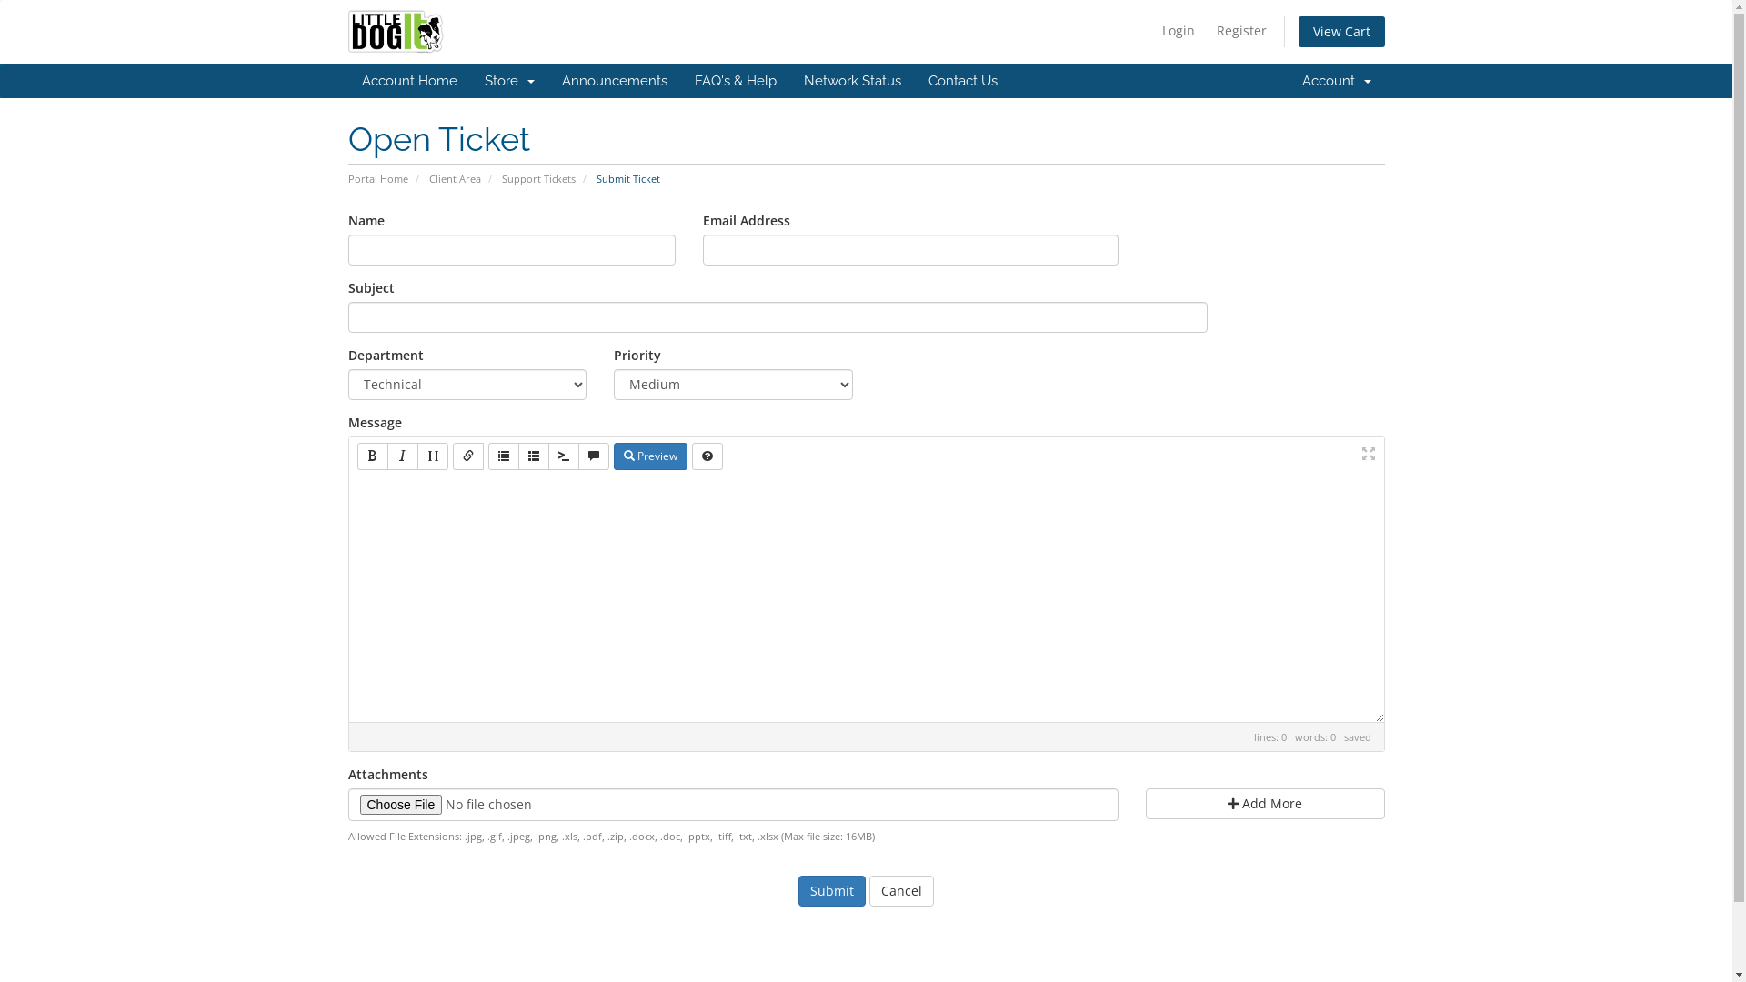 The image size is (1746, 982). Describe the element at coordinates (453, 455) in the screenshot. I see `'URL/Link'` at that location.